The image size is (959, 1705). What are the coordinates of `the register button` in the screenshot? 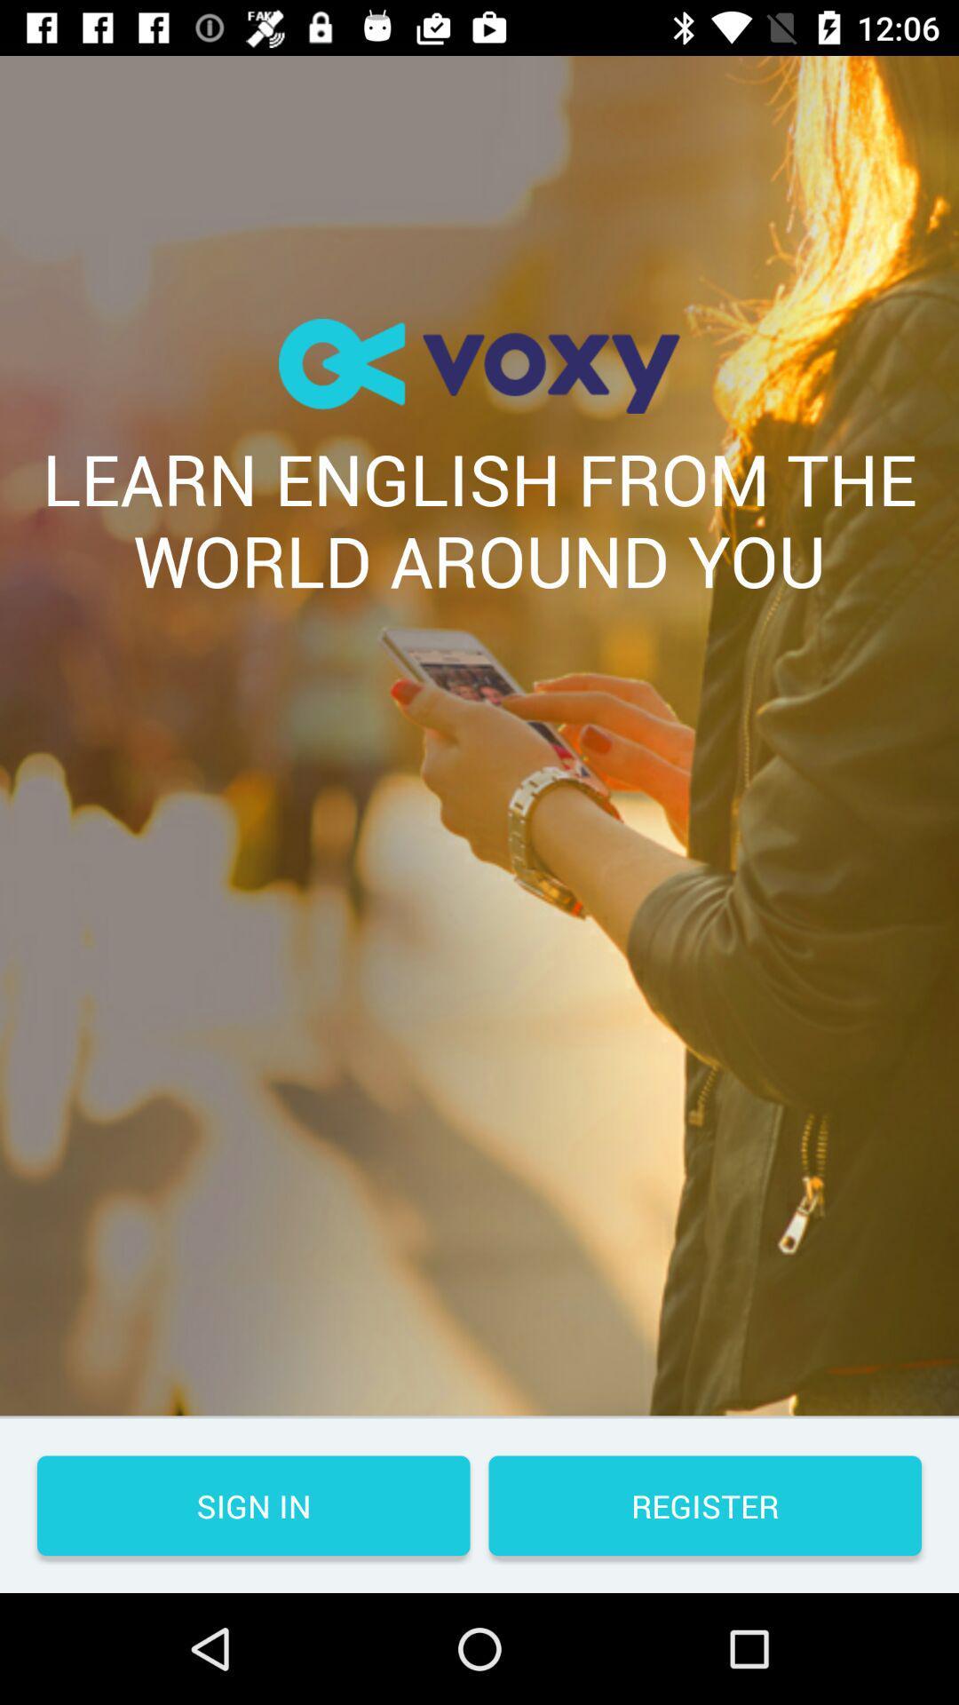 It's located at (704, 1504).